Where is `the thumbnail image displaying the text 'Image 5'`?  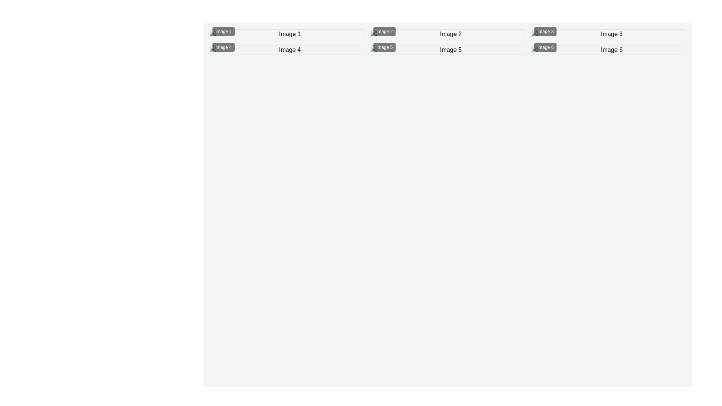 the thumbnail image displaying the text 'Image 5' is located at coordinates (447, 50).